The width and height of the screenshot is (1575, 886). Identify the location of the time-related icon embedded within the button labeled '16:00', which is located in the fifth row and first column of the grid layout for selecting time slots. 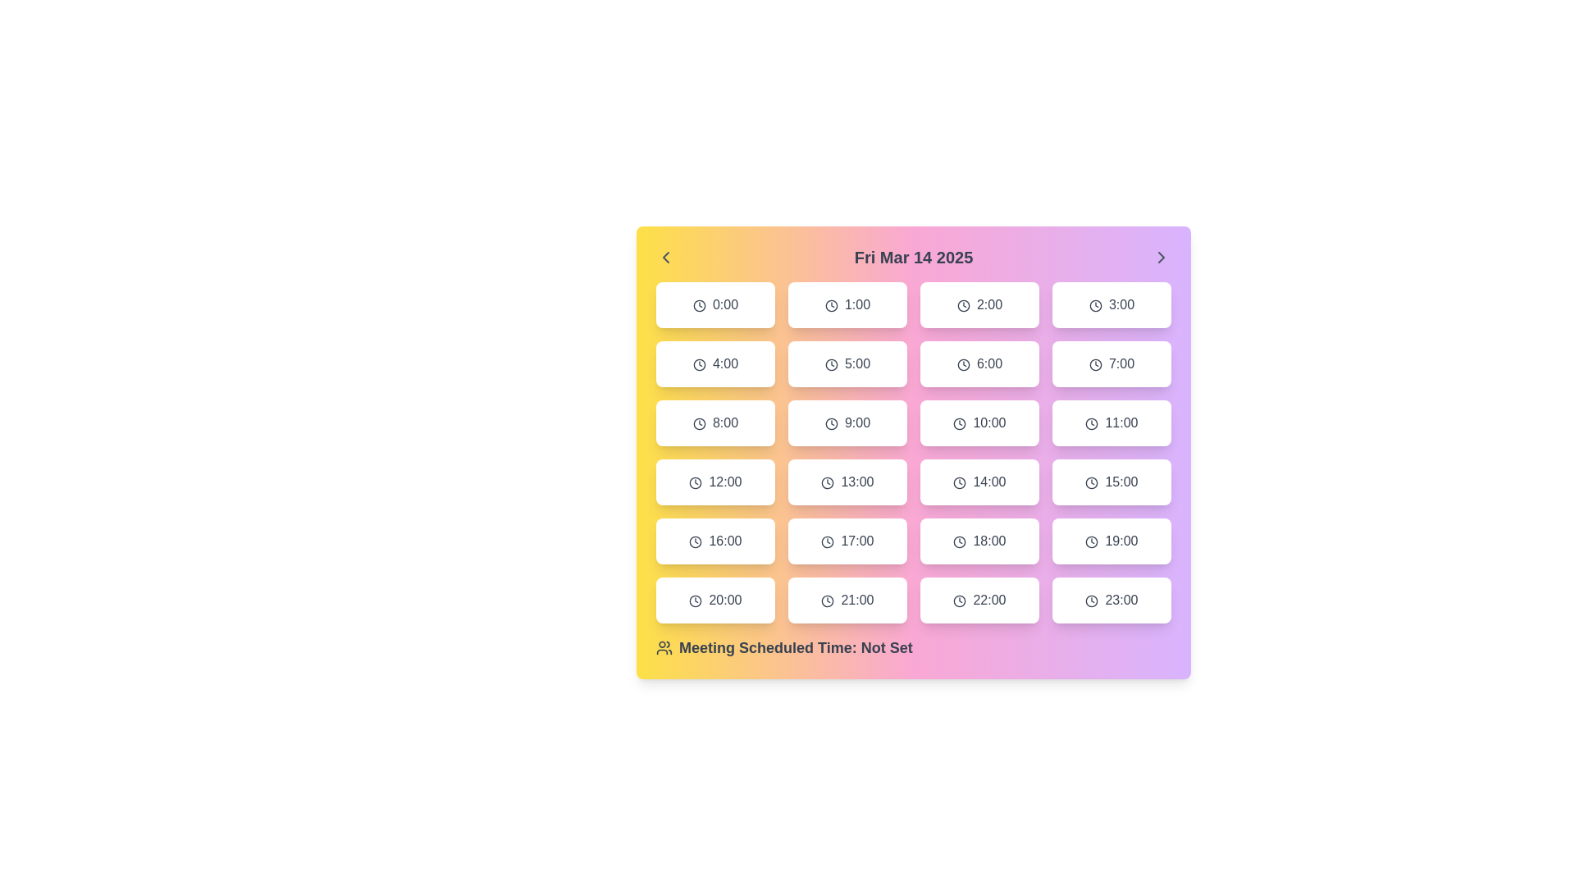
(696, 541).